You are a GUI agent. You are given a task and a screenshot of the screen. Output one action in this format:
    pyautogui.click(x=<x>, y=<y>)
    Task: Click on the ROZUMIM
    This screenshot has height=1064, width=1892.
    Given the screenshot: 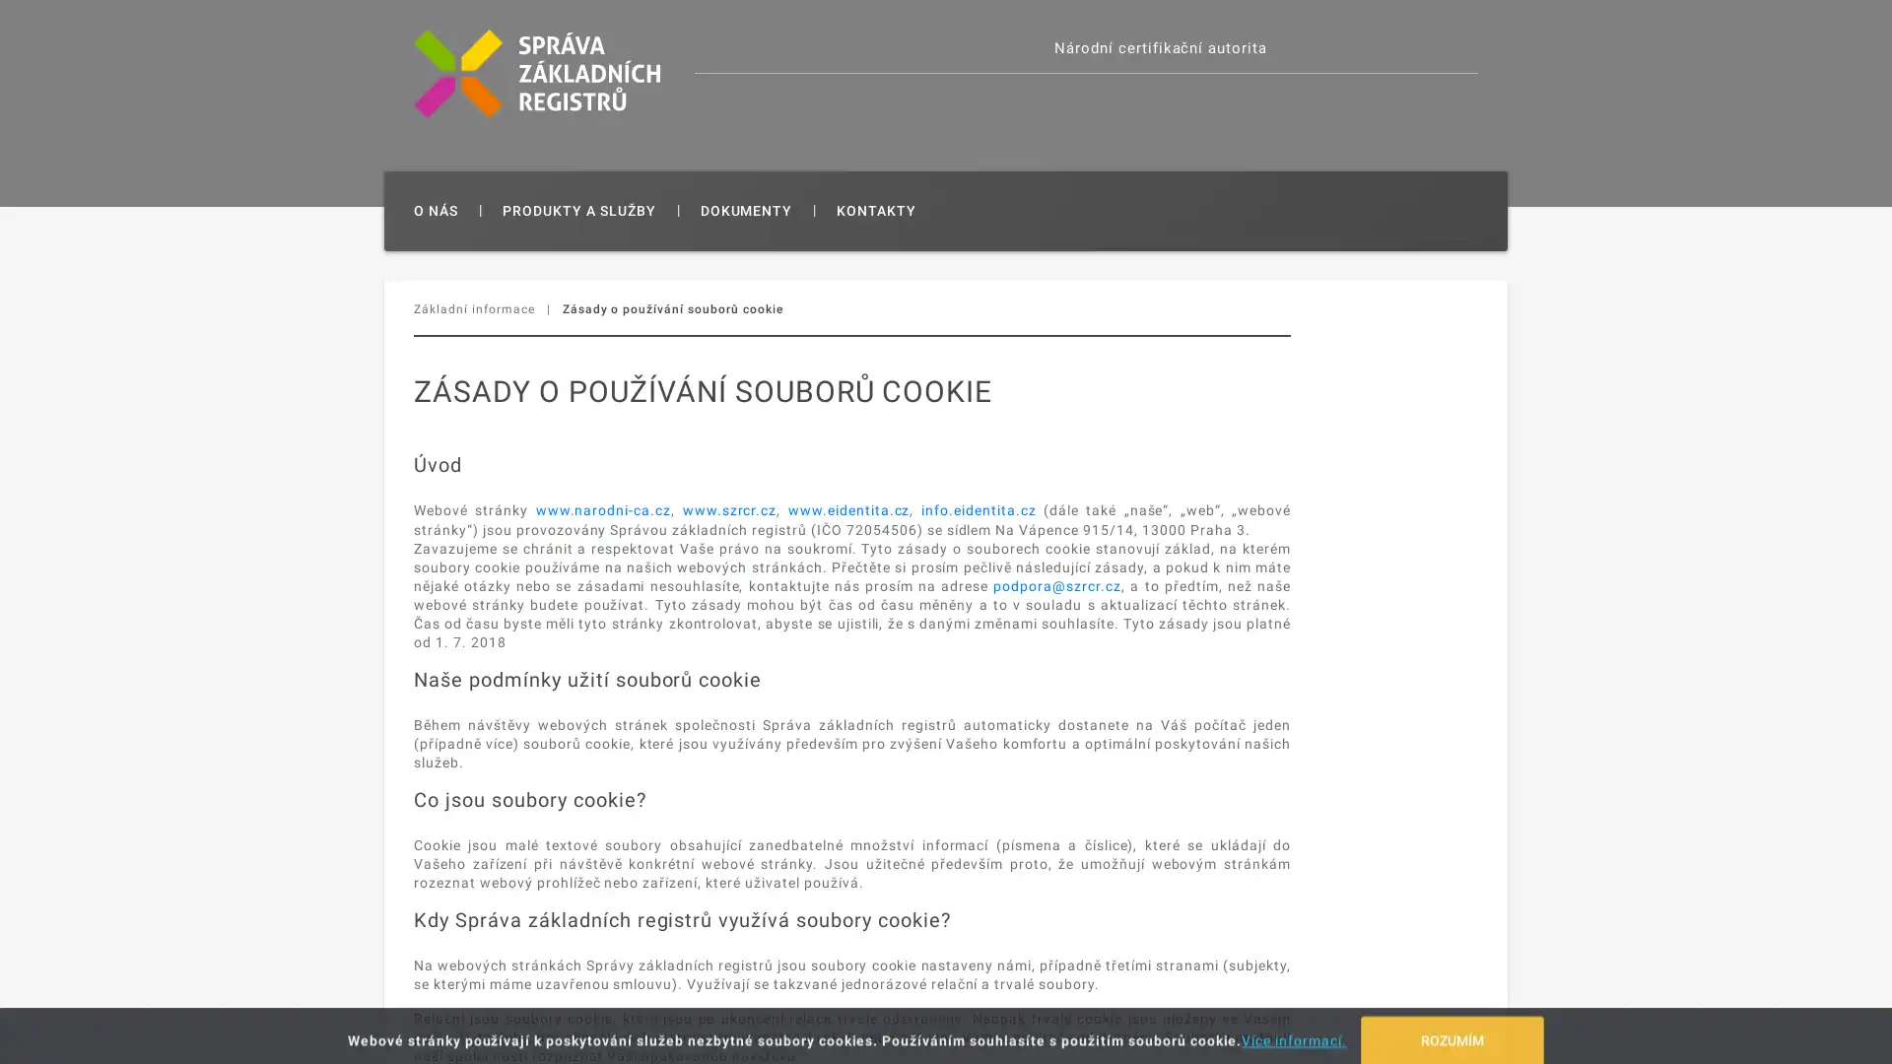 What is the action you would take?
    pyautogui.click(x=1452, y=1029)
    